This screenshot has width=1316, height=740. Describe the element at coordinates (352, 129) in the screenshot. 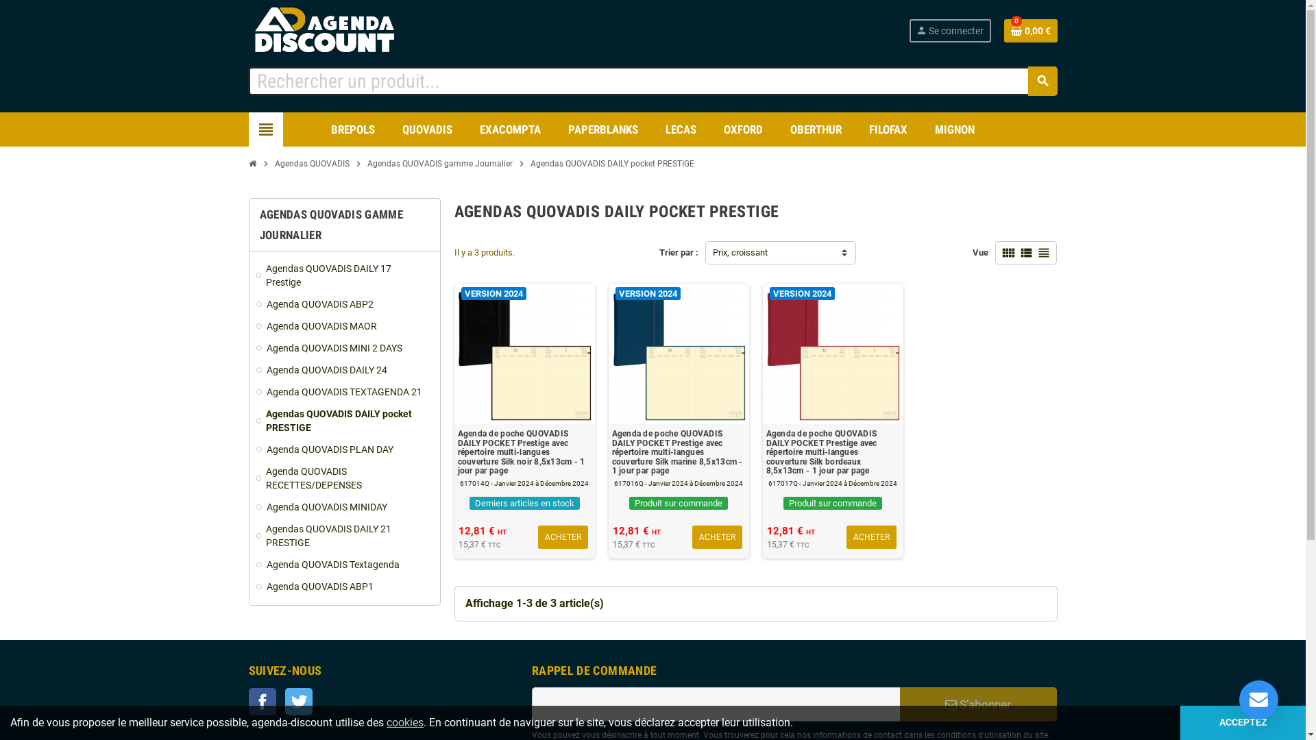

I see `'BREPOLS'` at that location.